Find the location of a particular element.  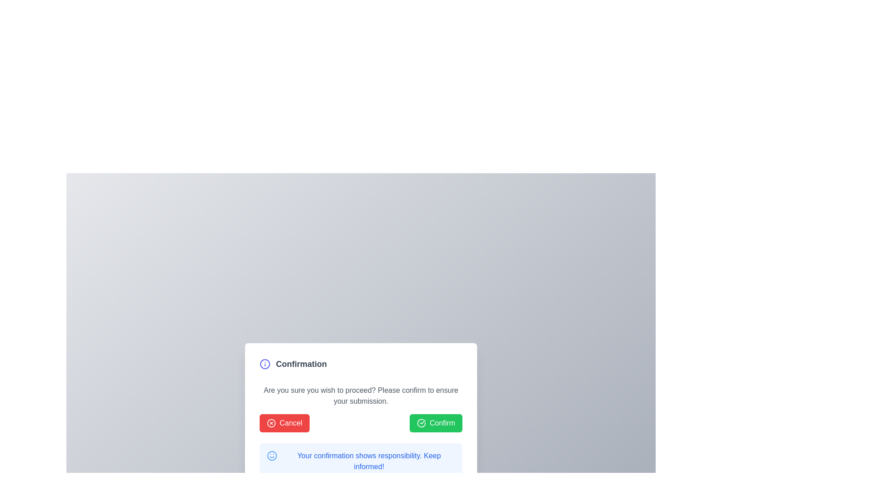

the red 'Cancel' button located at the bottom right corner of the modal dialog box is located at coordinates (284, 423).